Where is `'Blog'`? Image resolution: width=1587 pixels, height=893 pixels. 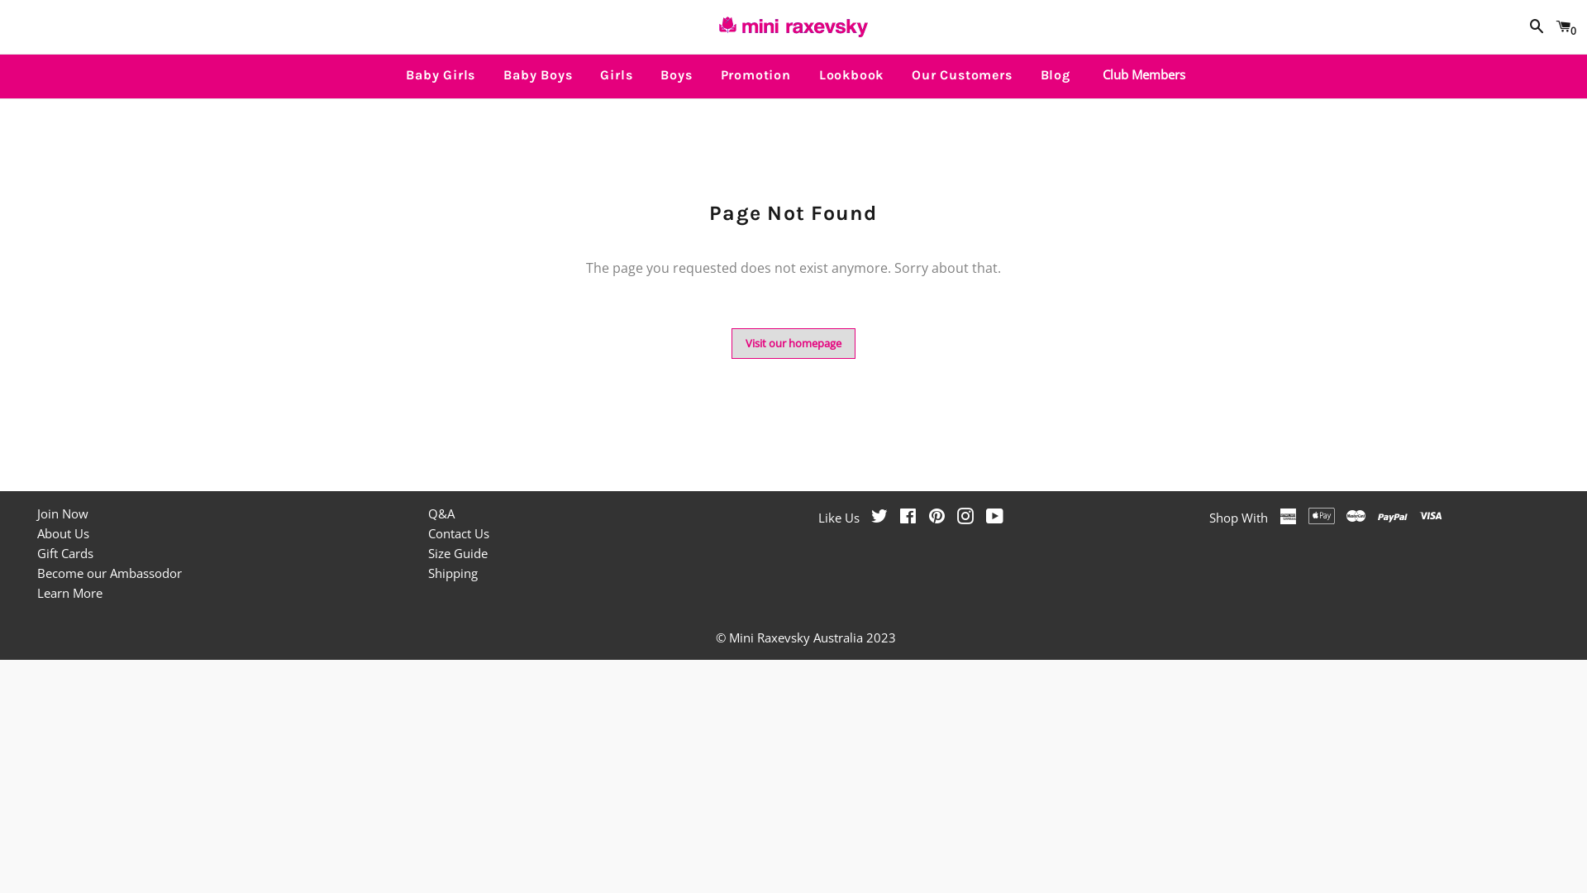 'Blog' is located at coordinates (1054, 75).